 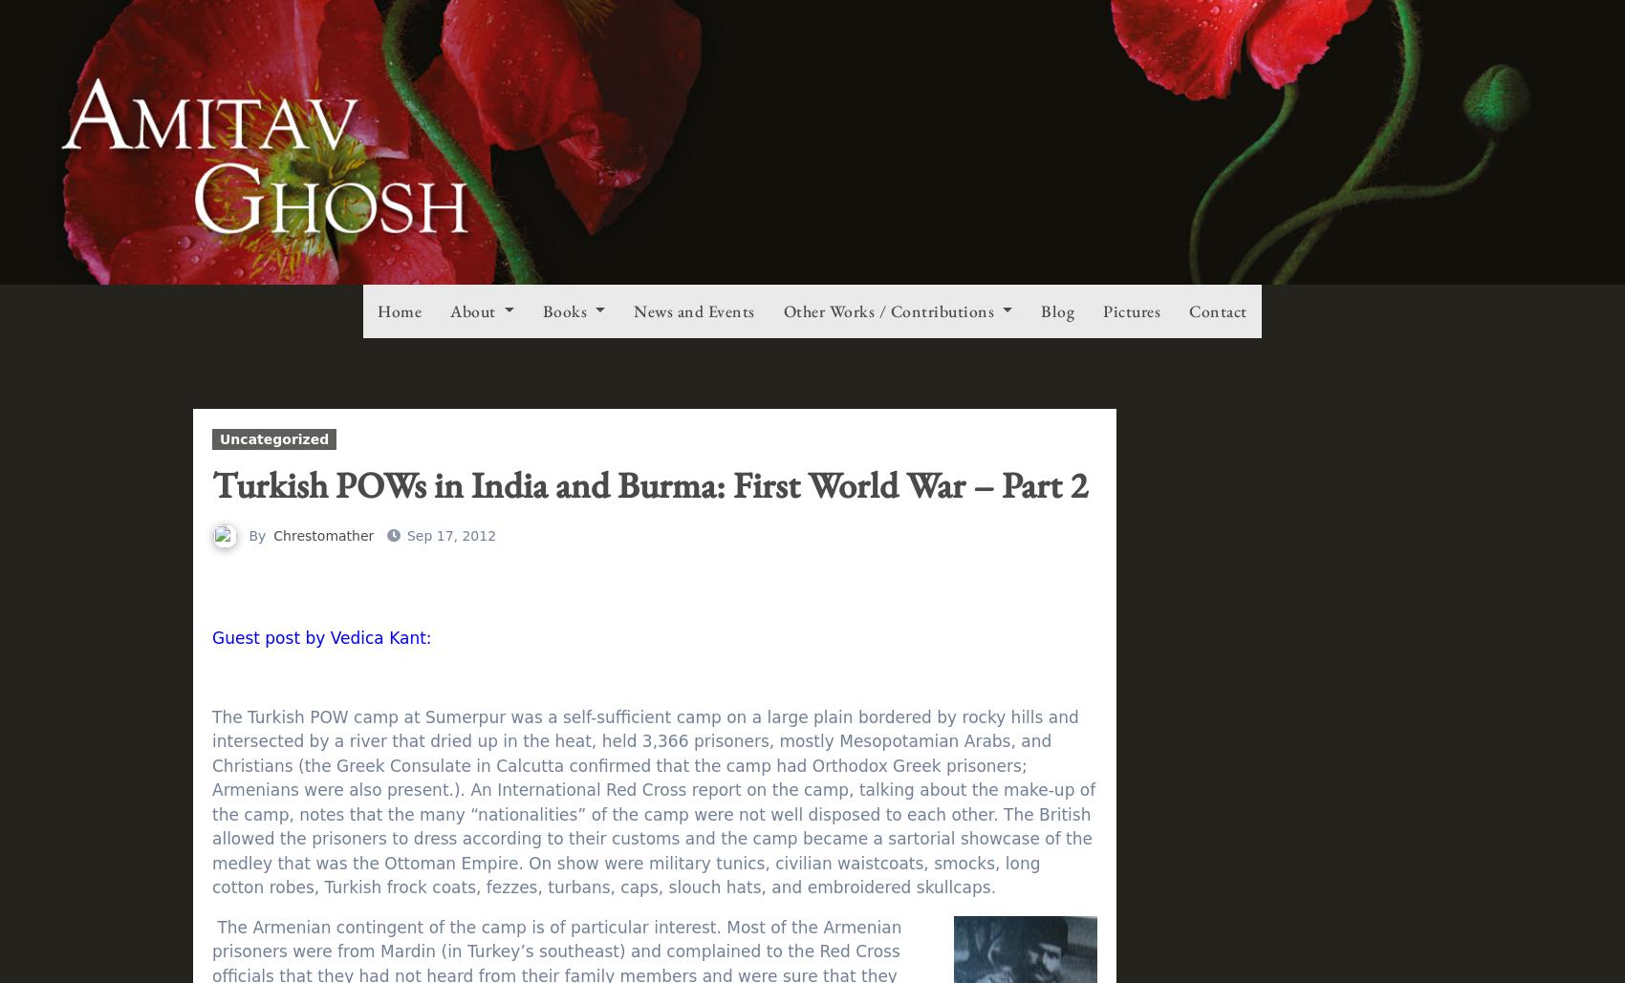 What do you see at coordinates (1332, 56) in the screenshot?
I see `'17'` at bounding box center [1332, 56].